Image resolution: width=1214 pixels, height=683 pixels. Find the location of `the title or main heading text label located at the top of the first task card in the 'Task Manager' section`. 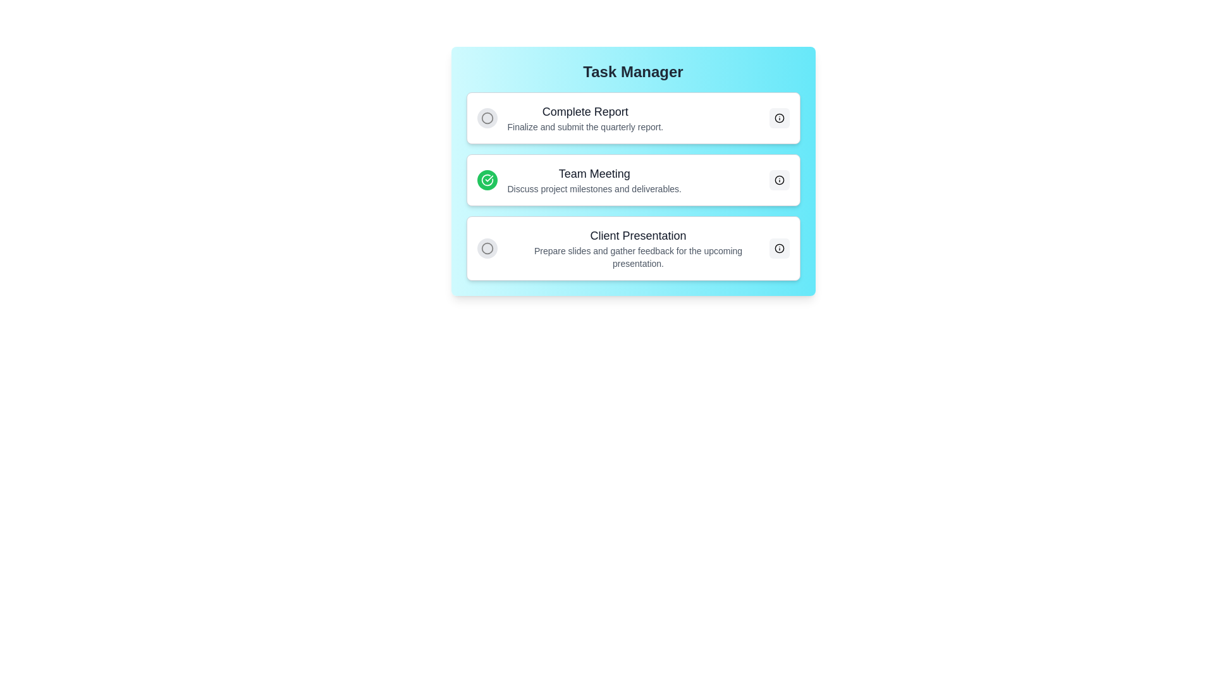

the title or main heading text label located at the top of the first task card in the 'Task Manager' section is located at coordinates (584, 111).